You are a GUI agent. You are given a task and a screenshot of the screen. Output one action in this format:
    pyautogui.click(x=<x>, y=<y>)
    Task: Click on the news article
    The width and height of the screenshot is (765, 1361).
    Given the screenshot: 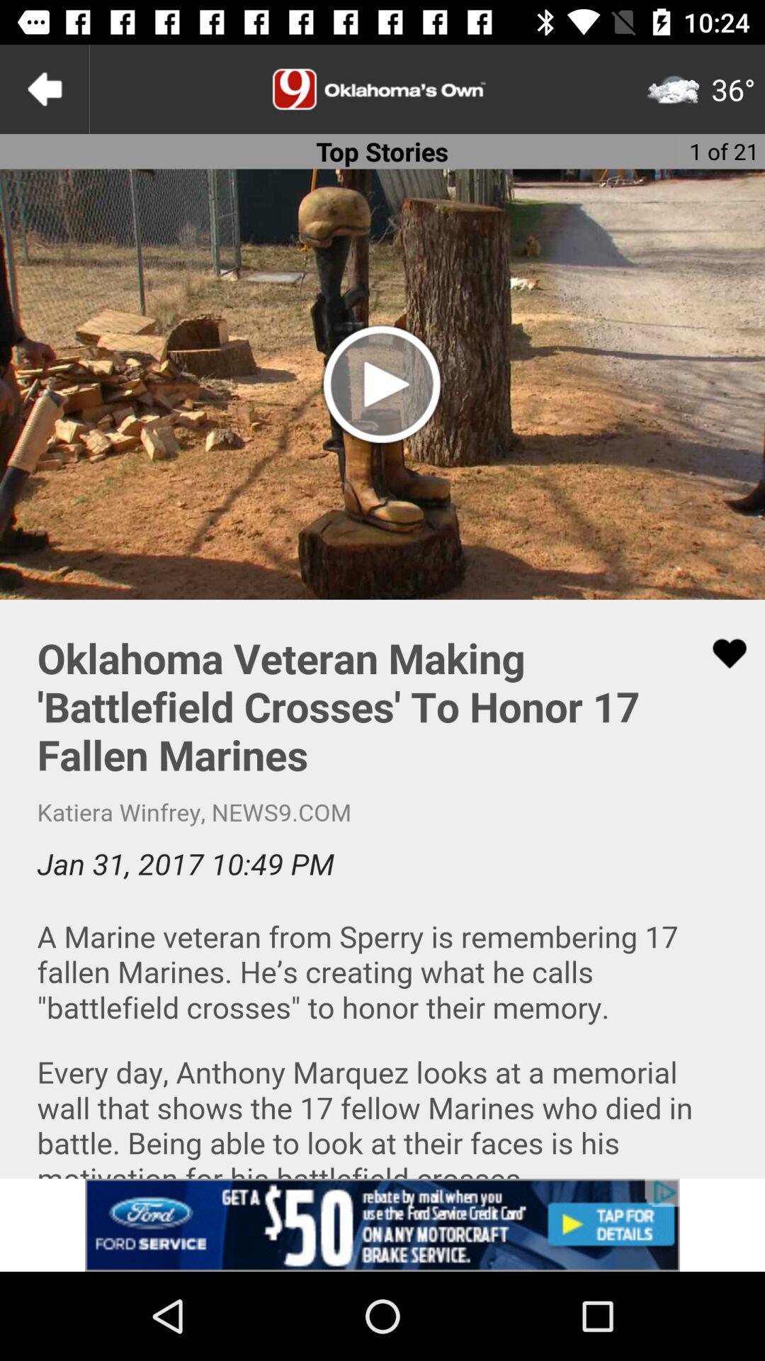 What is the action you would take?
    pyautogui.click(x=382, y=888)
    